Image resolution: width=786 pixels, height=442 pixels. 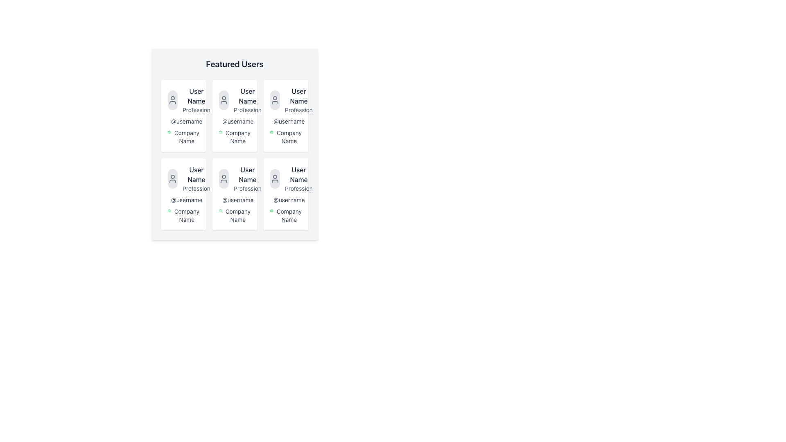 What do you see at coordinates (234, 215) in the screenshot?
I see `the Text label displaying the company name in the user card located in the 'Featured Users' section, positioned below the username and profession details` at bounding box center [234, 215].